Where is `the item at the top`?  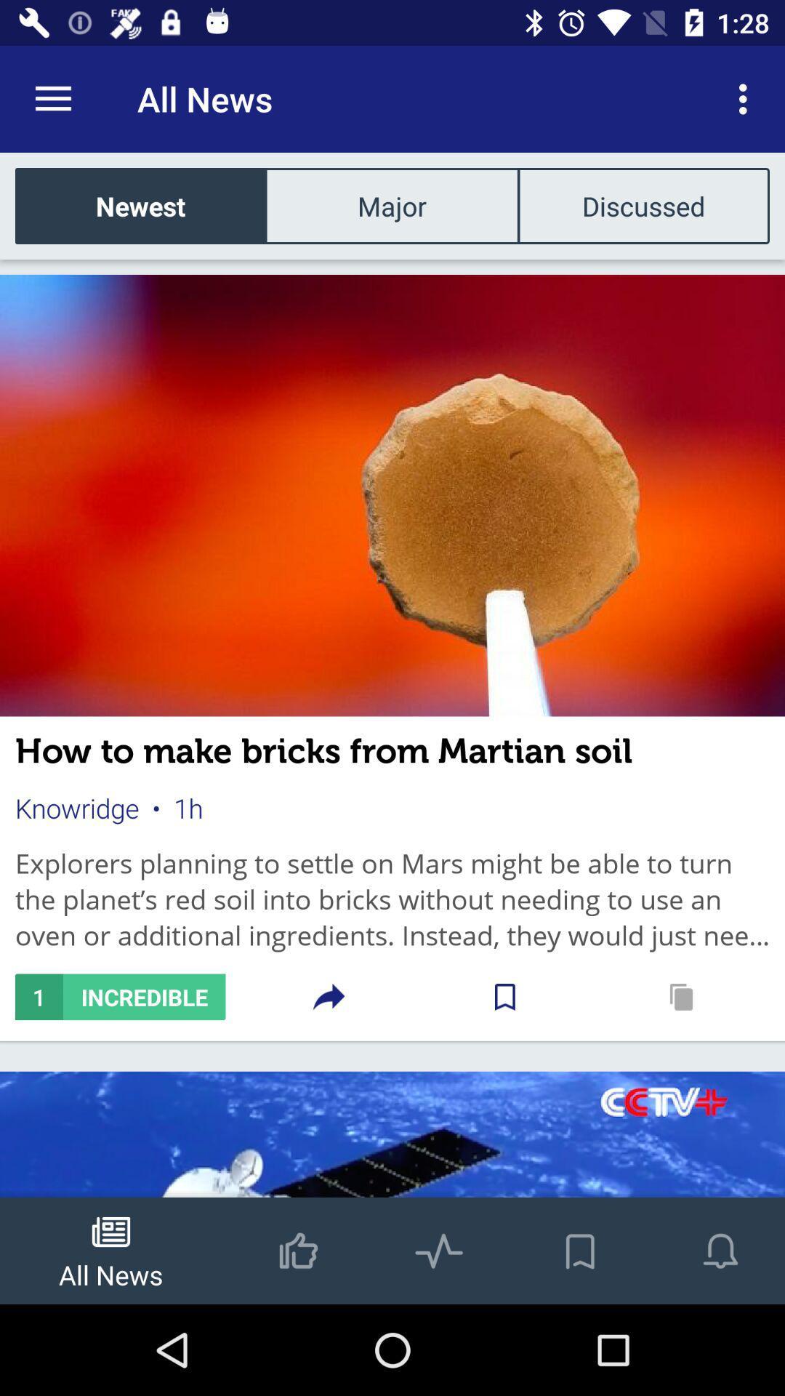 the item at the top is located at coordinates (391, 205).